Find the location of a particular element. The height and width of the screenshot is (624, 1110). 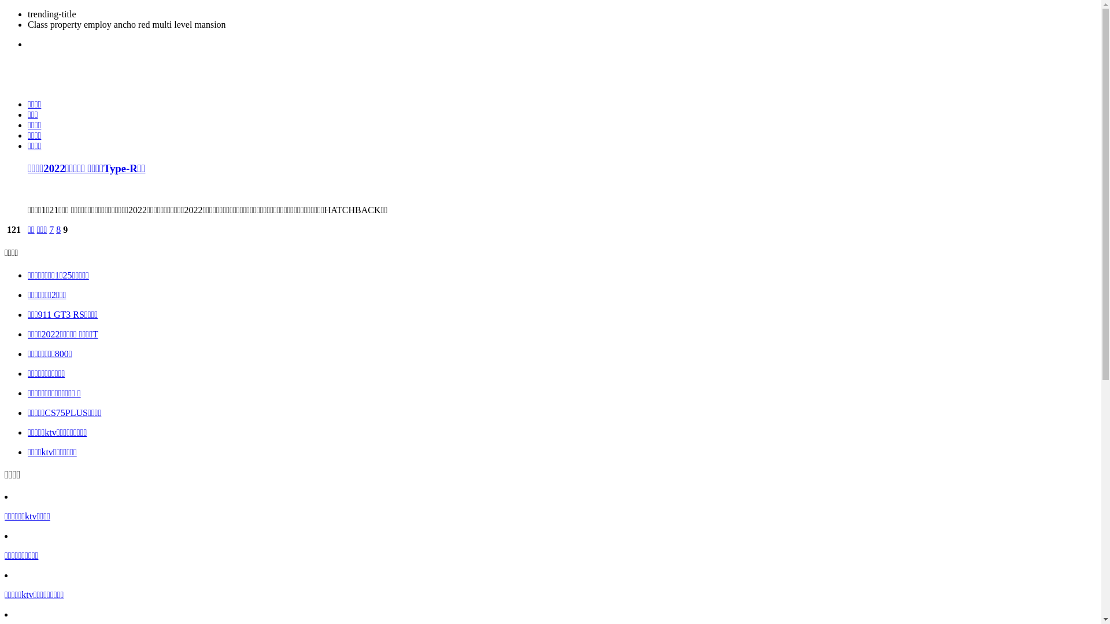

'8' is located at coordinates (57, 229).